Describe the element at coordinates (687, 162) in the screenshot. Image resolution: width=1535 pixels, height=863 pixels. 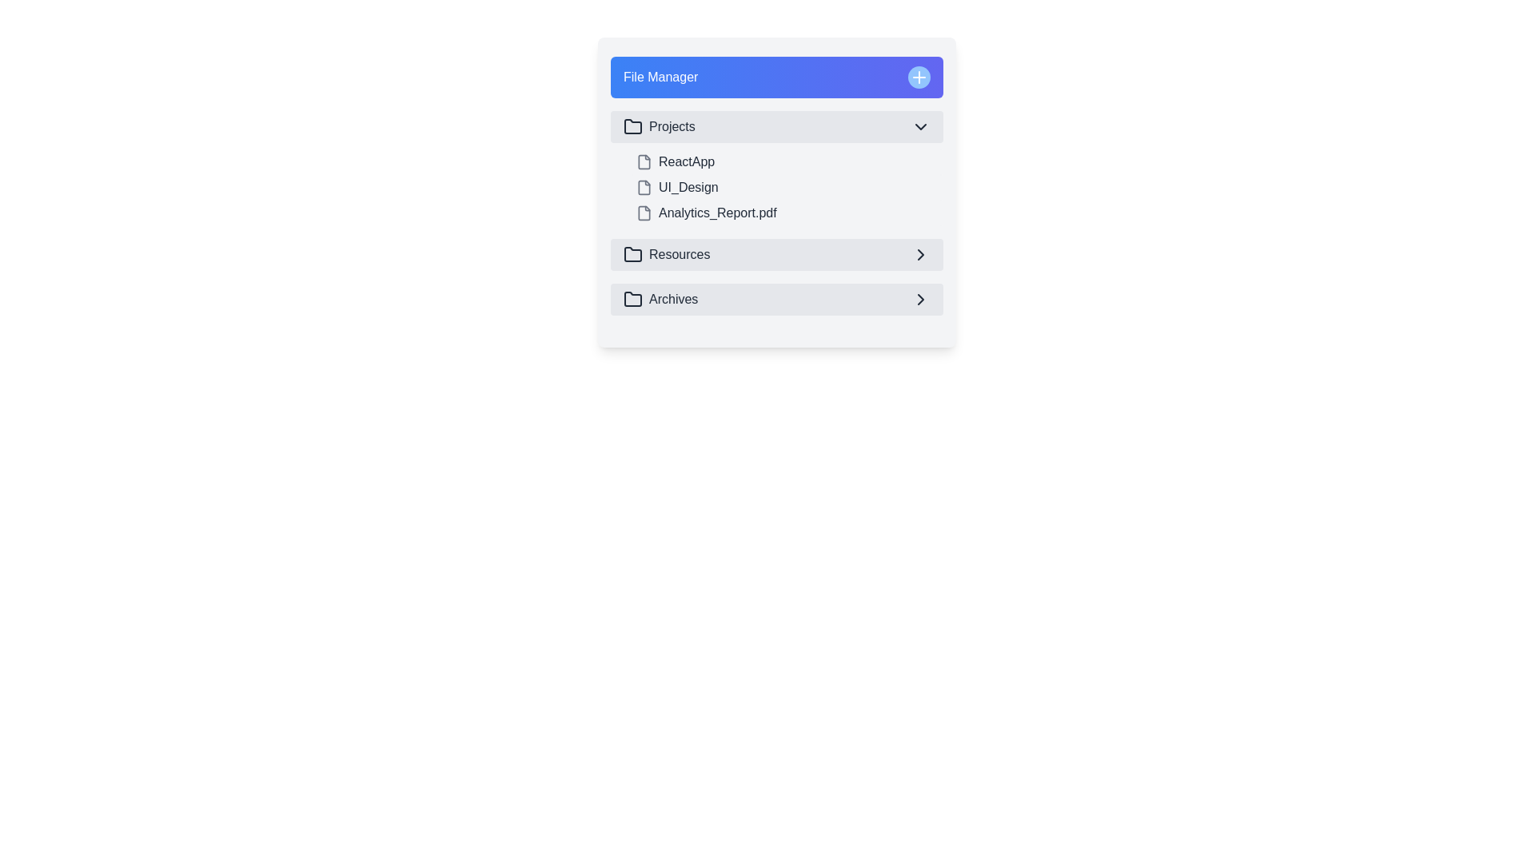
I see `the text label associated with the file named 'ReactApp'` at that location.